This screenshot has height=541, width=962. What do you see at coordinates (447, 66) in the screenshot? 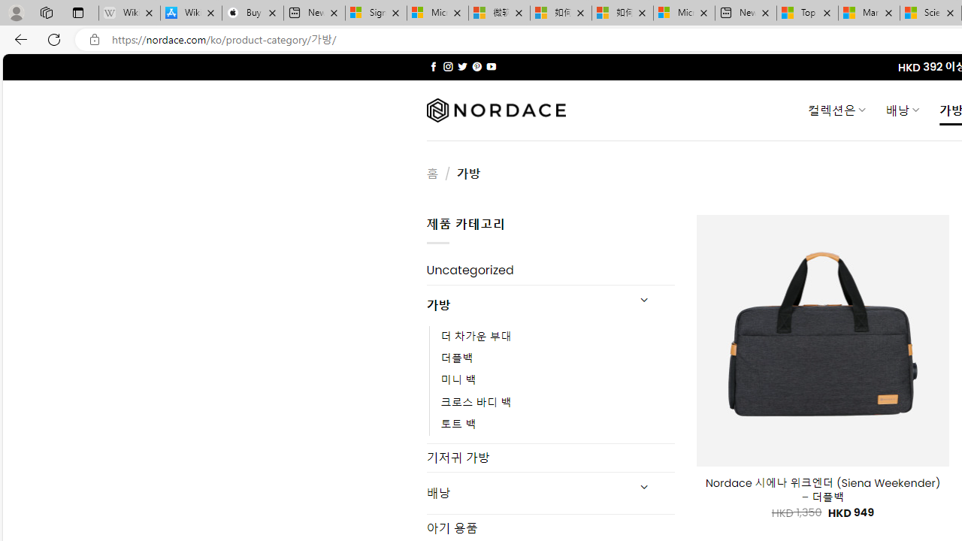
I see `'Follow on Instagram'` at bounding box center [447, 66].